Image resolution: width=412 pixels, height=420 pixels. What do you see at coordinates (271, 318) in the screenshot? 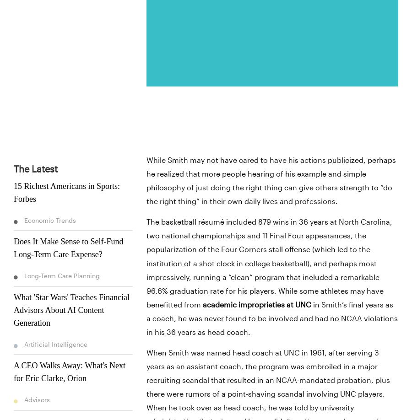
I see `'in Smith’s final years as a coach, he was never found to be involved and had no NCAA violations in his 36 years as head coach.'` at bounding box center [271, 318].